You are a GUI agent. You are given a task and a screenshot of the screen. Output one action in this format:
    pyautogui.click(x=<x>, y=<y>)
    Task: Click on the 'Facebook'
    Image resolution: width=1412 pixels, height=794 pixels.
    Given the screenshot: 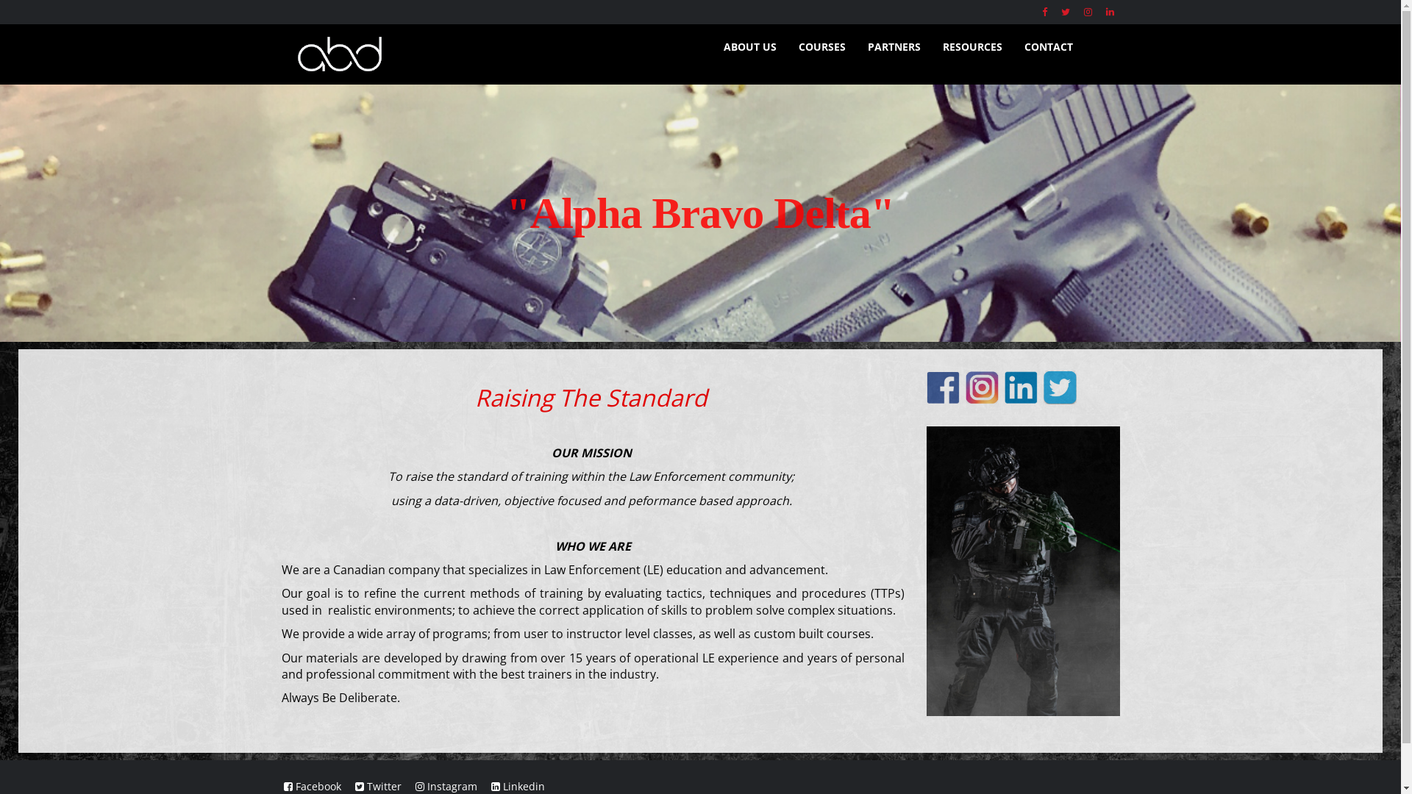 What is the action you would take?
    pyautogui.click(x=312, y=785)
    